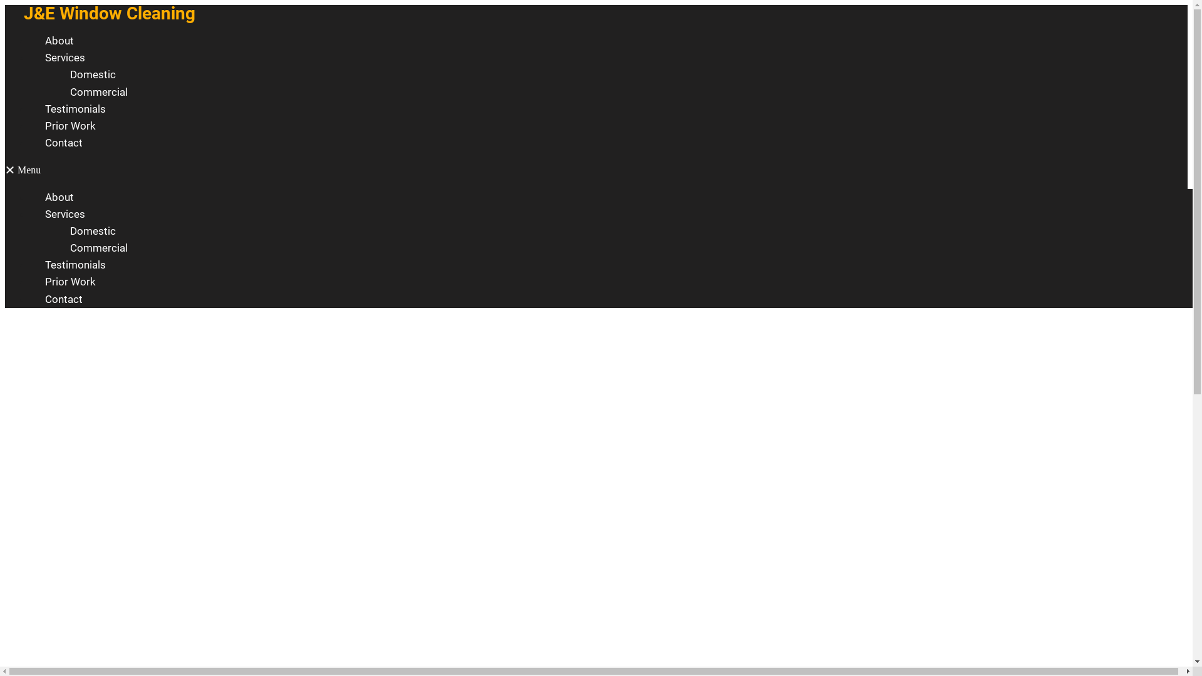 This screenshot has width=1202, height=676. Describe the element at coordinates (406, 419) in the screenshot. I see `'0426 605 655'` at that location.